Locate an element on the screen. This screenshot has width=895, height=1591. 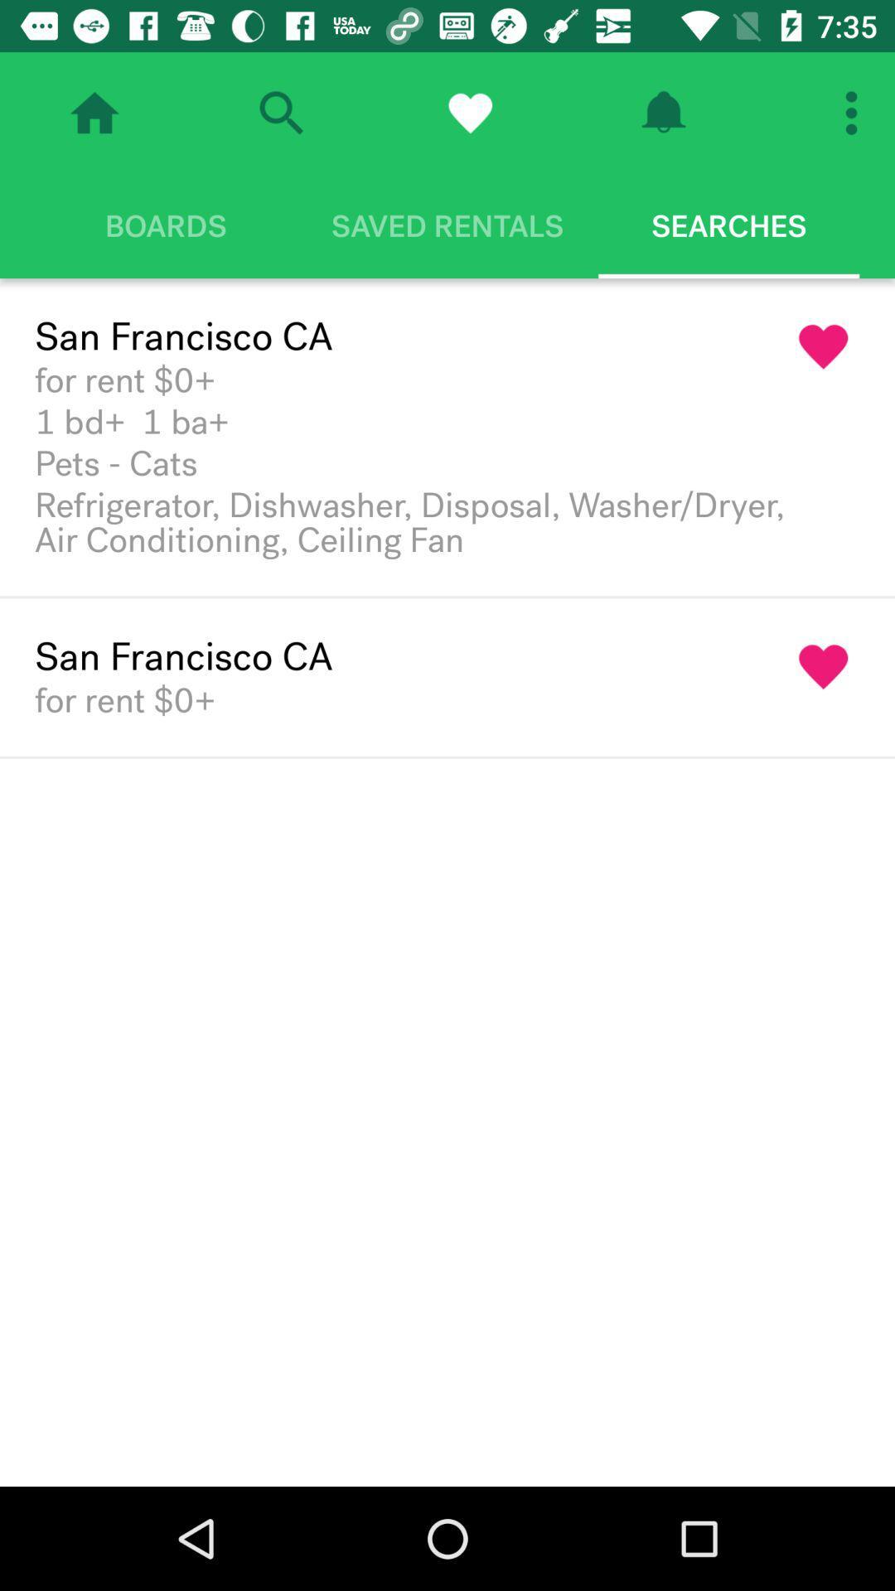
the home page is located at coordinates (94, 112).